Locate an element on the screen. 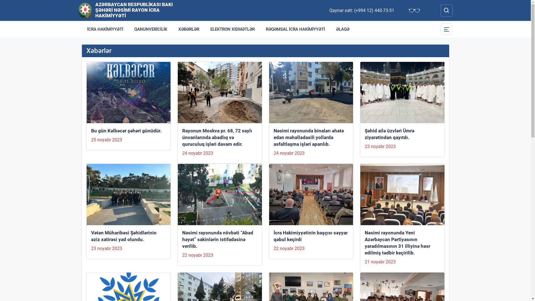 The height and width of the screenshot is (301, 535). 'QANUNVERICILIK' is located at coordinates (128, 29).